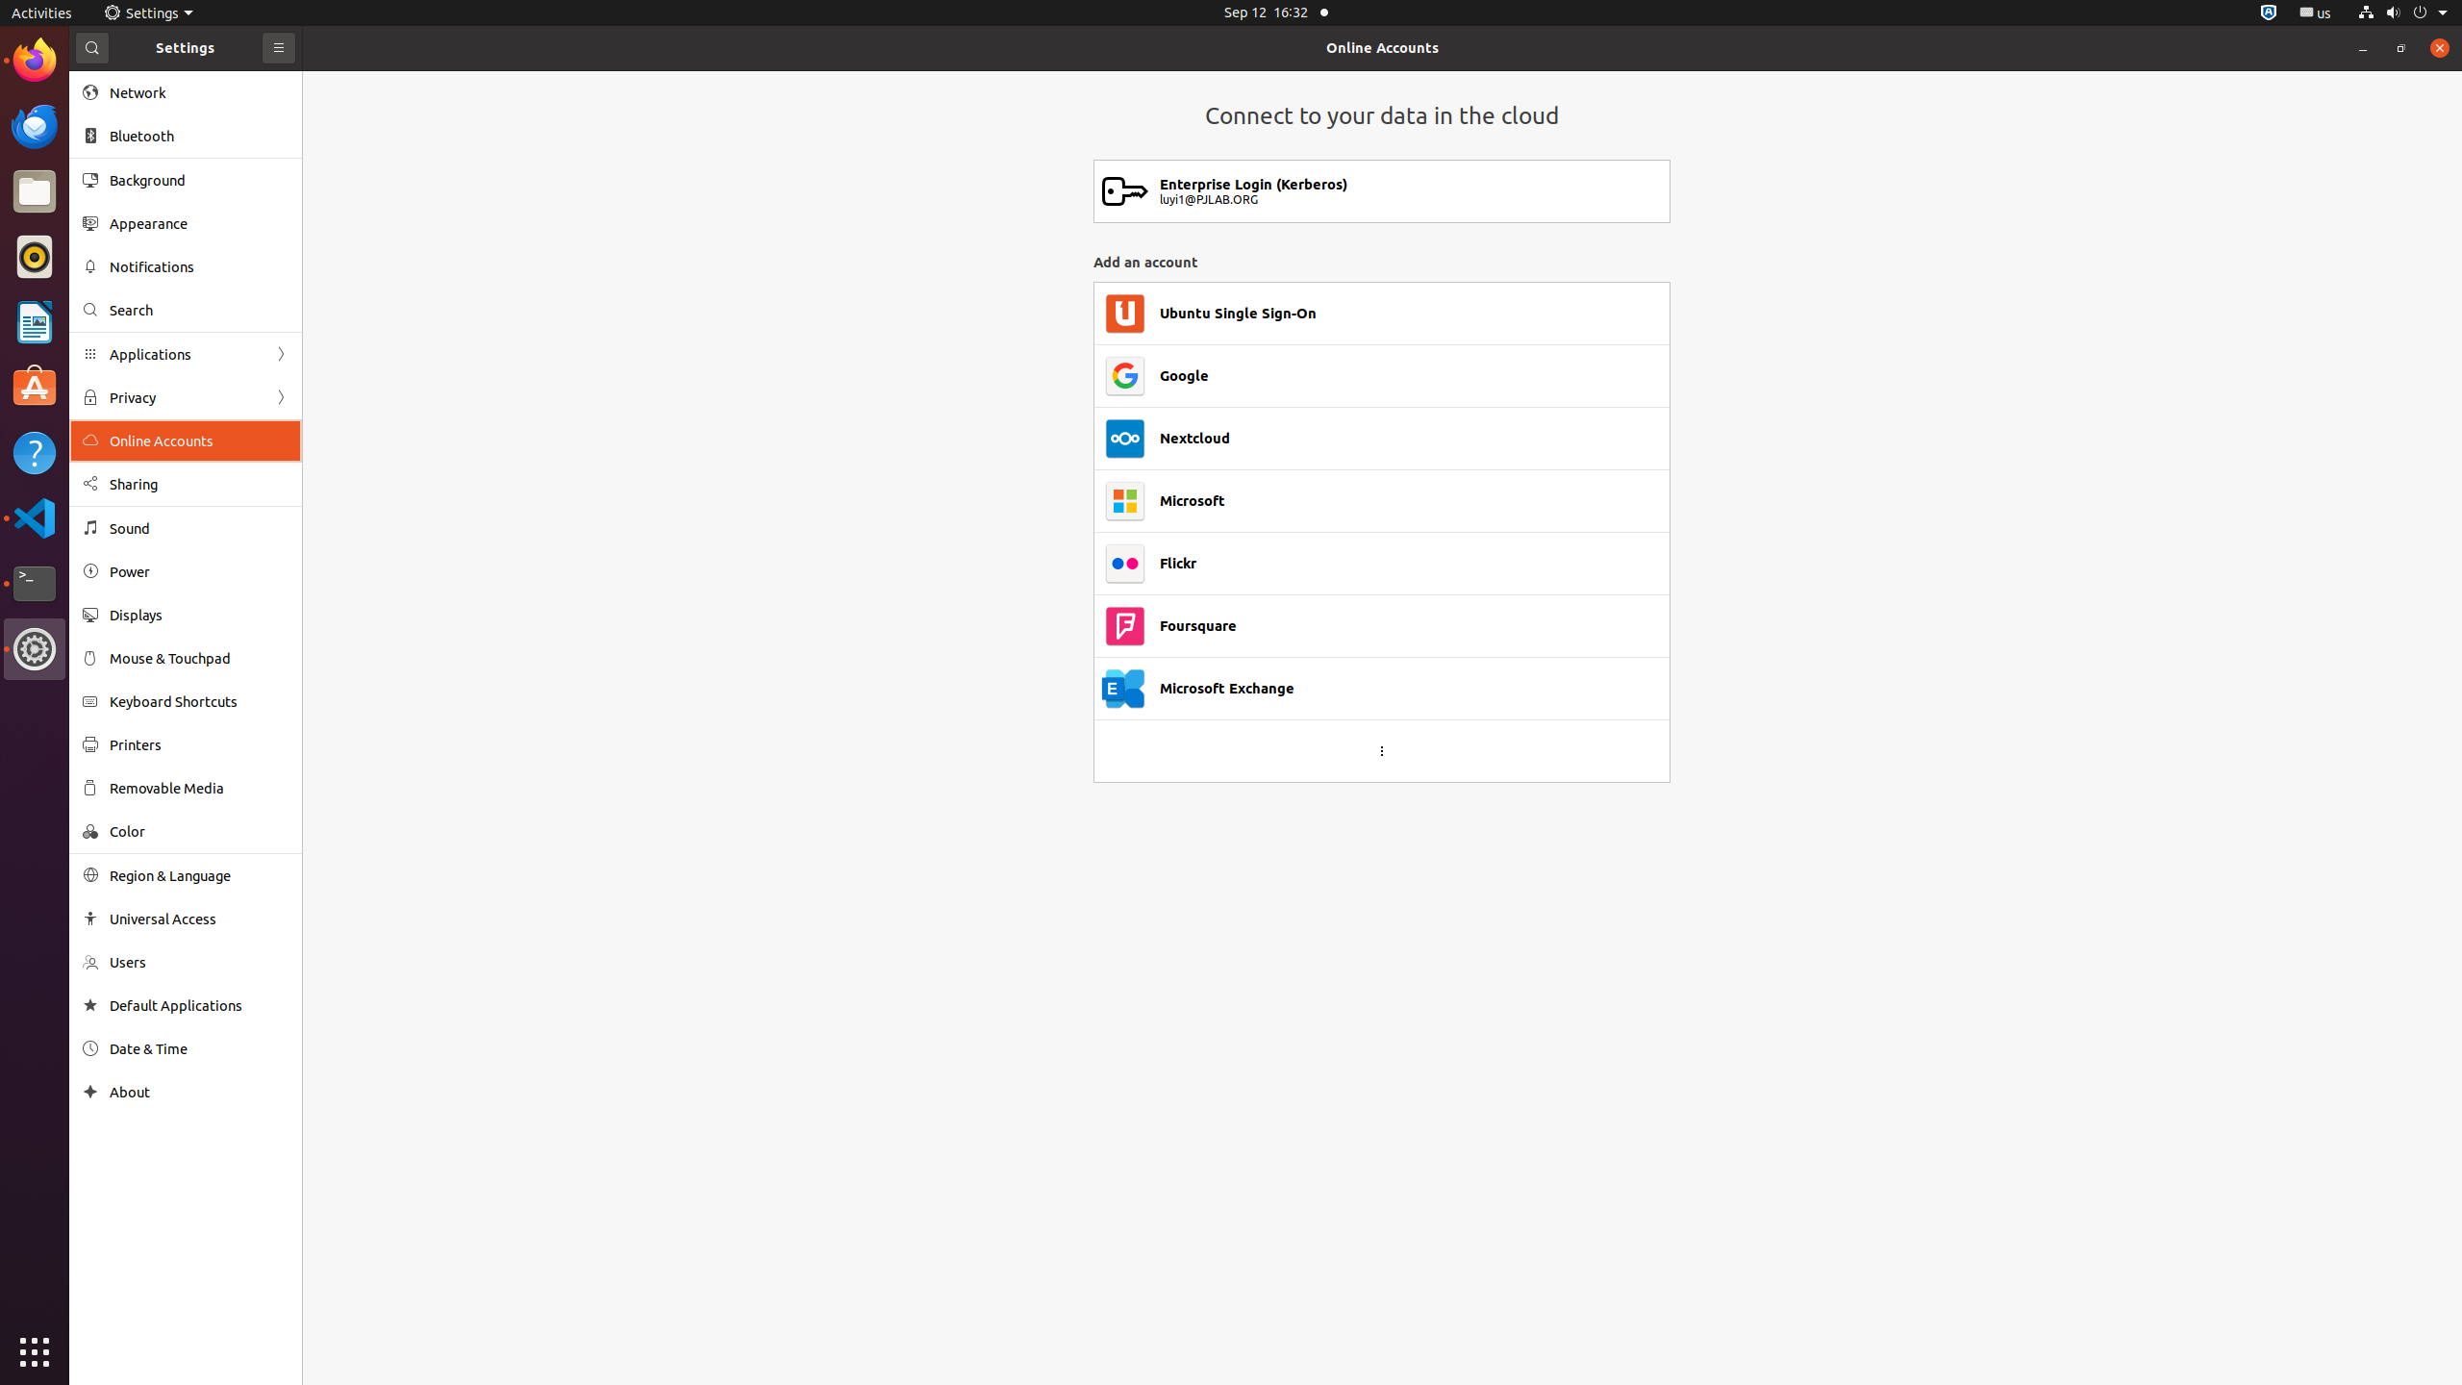 The image size is (2462, 1385). Describe the element at coordinates (1380, 261) in the screenshot. I see `'Add an account'` at that location.